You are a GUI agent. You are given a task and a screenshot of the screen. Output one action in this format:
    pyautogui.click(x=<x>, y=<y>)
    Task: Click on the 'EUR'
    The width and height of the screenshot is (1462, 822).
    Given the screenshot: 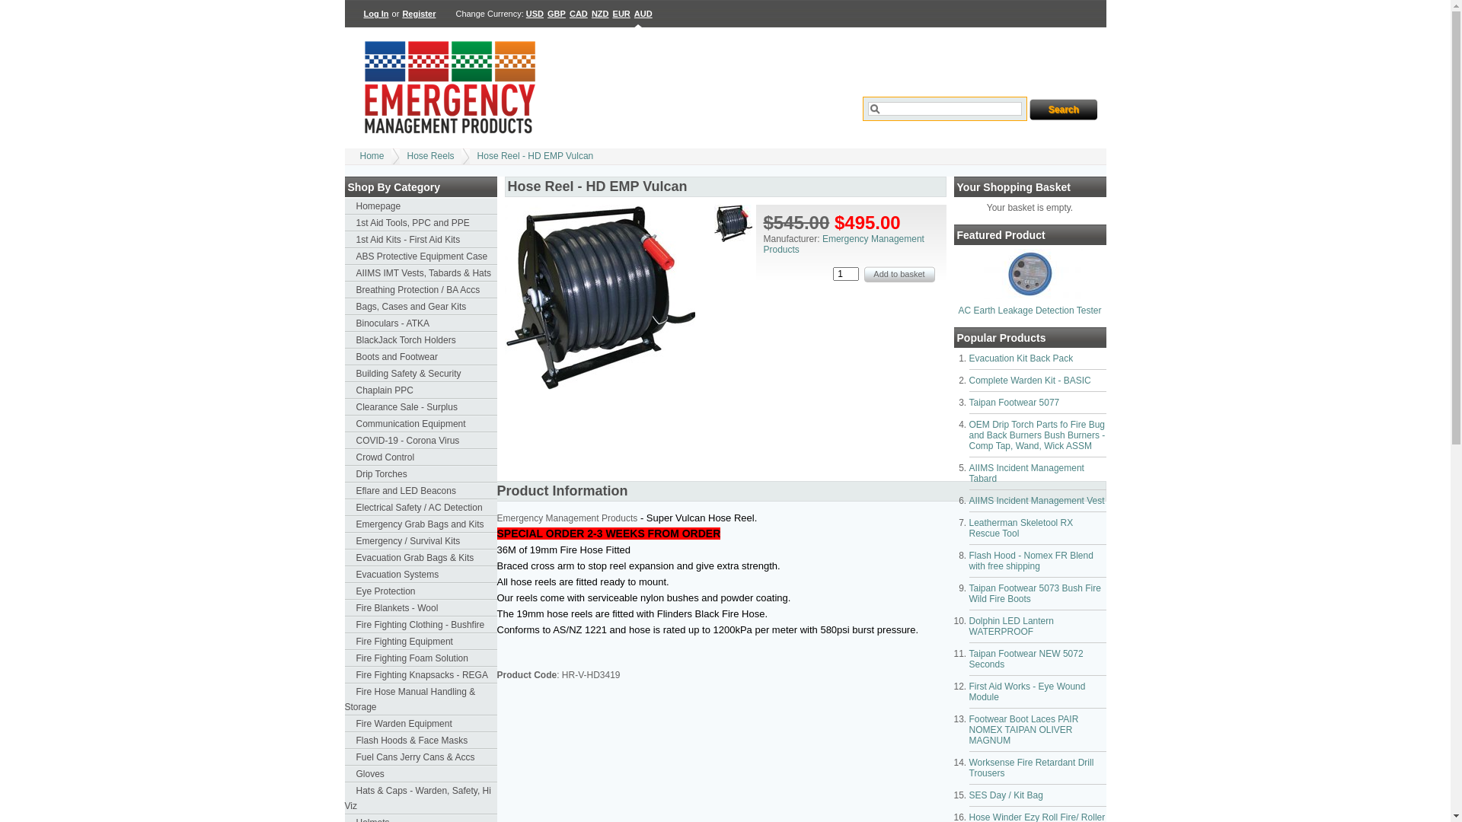 What is the action you would take?
    pyautogui.click(x=621, y=14)
    